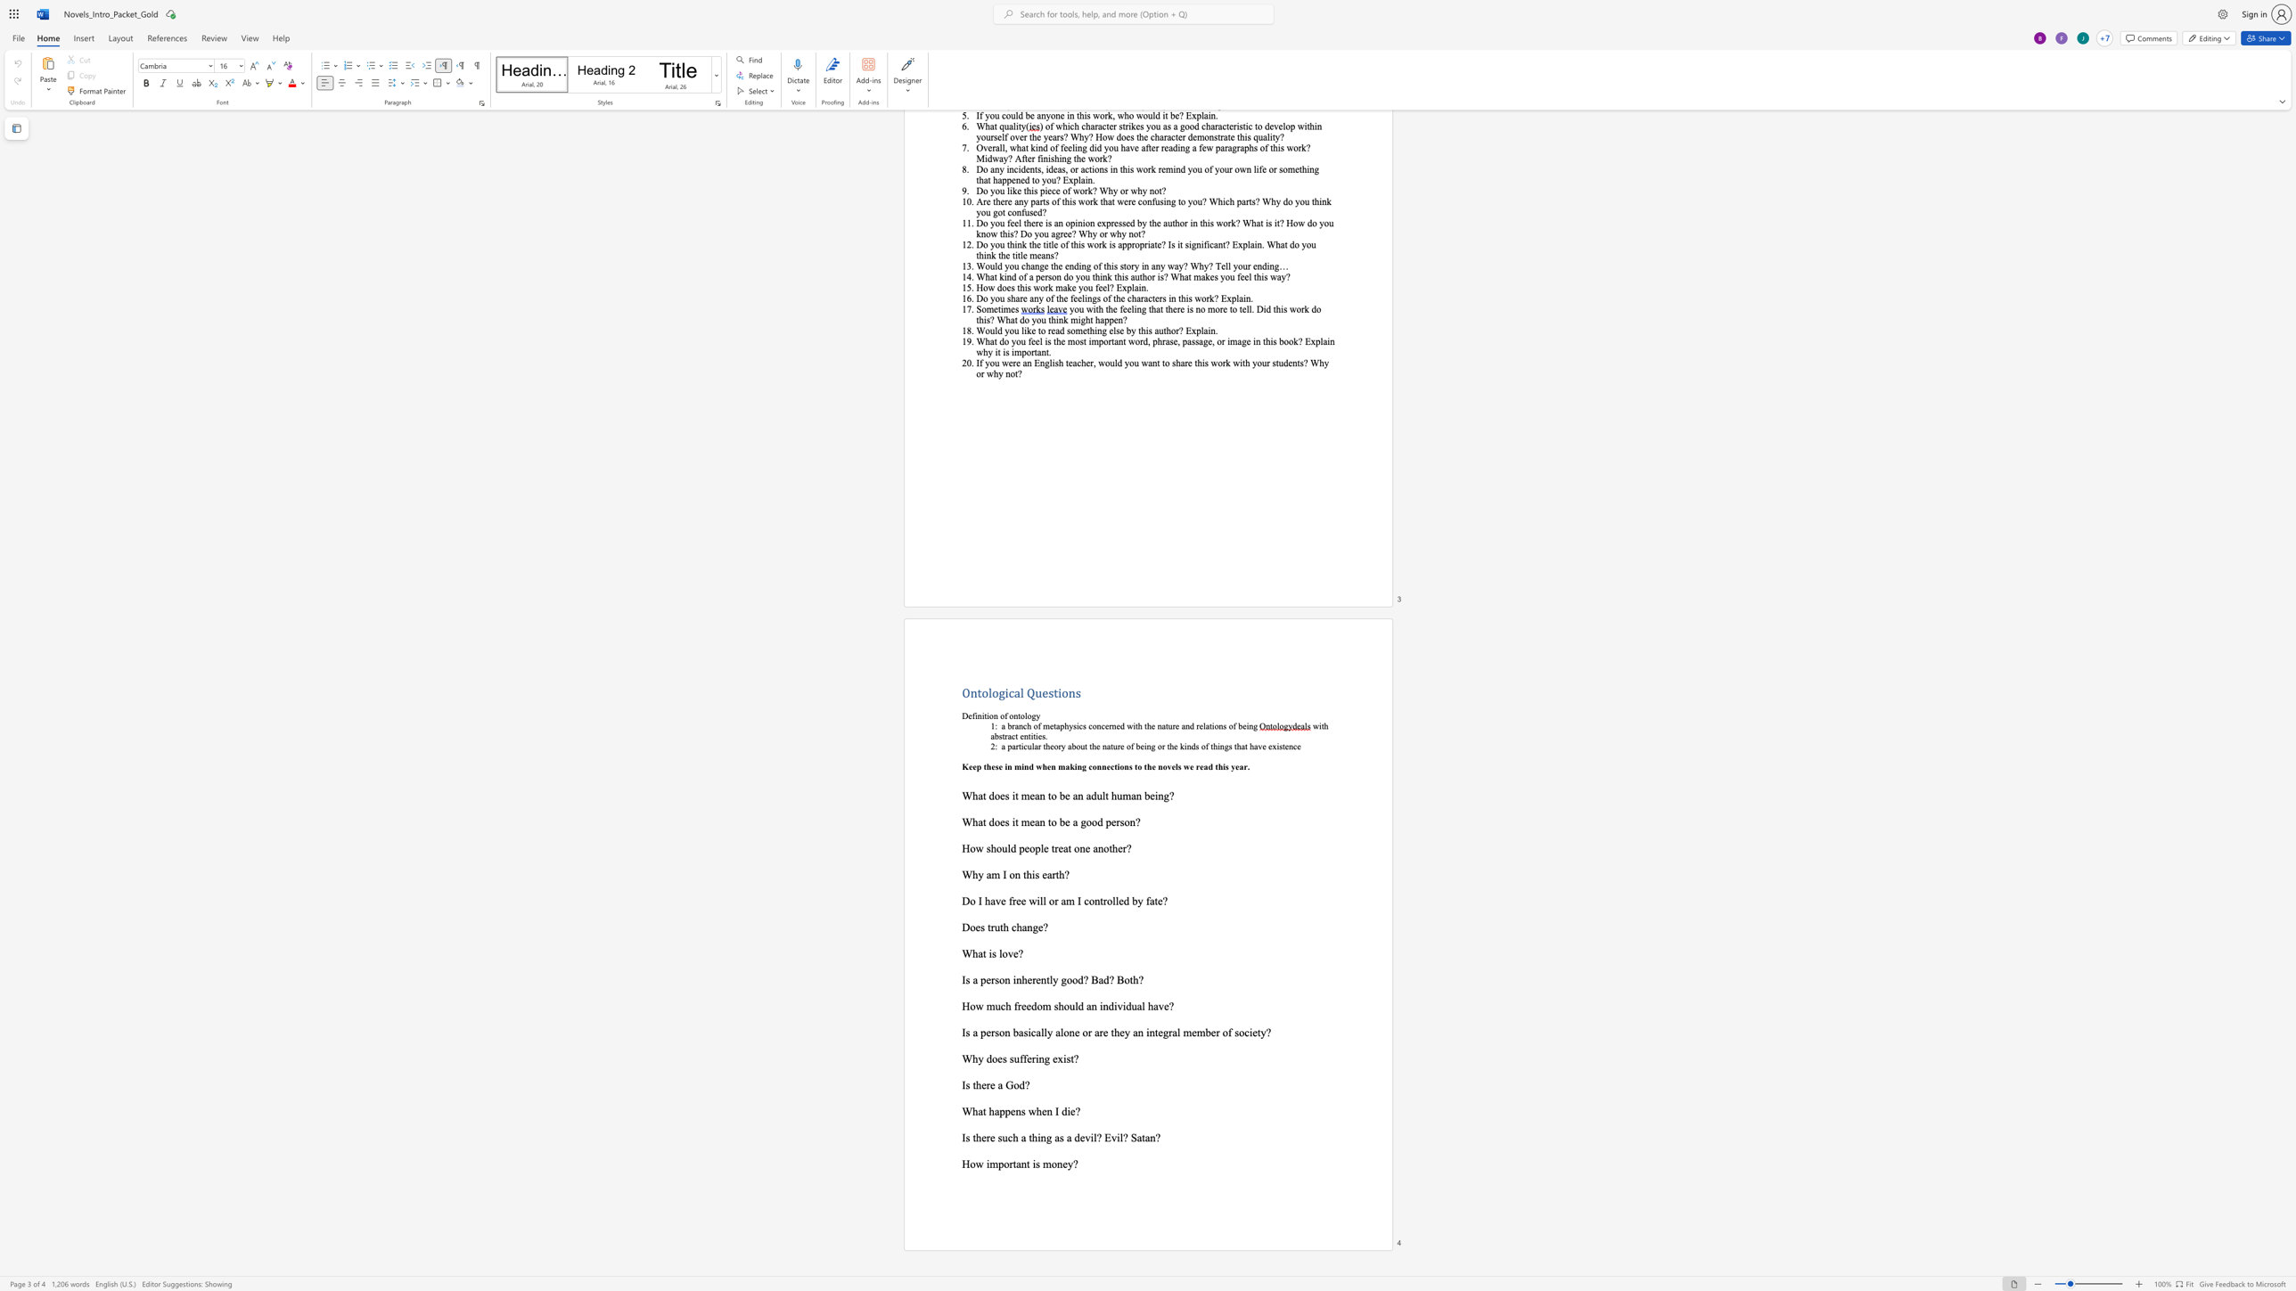  Describe the element at coordinates (1035, 715) in the screenshot. I see `the space between the continuous character "g" and "y" in the text` at that location.